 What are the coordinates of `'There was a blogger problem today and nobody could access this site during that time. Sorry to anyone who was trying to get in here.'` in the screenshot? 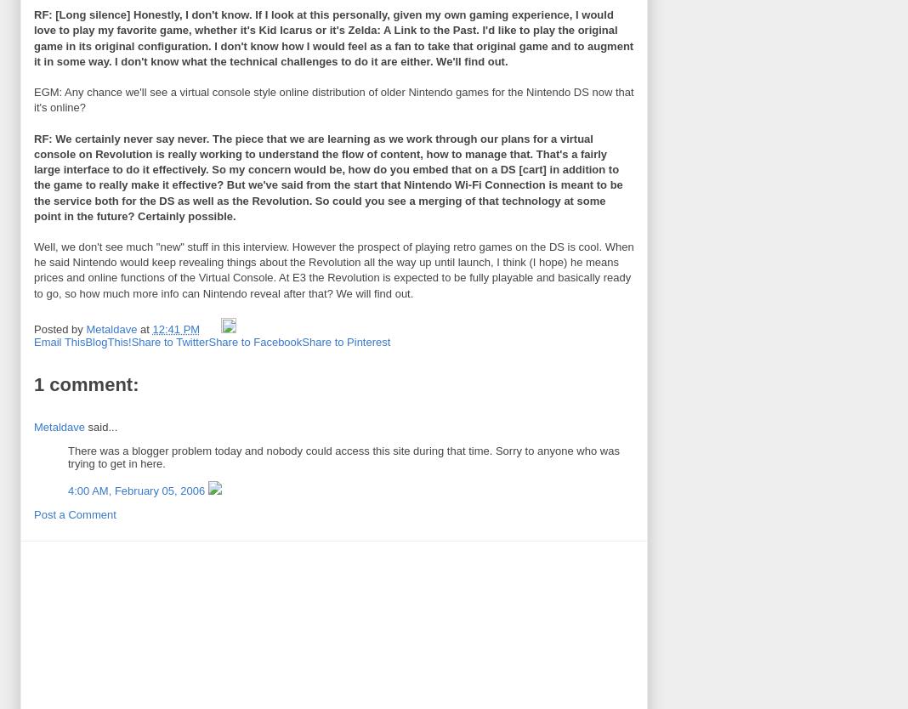 It's located at (66, 456).